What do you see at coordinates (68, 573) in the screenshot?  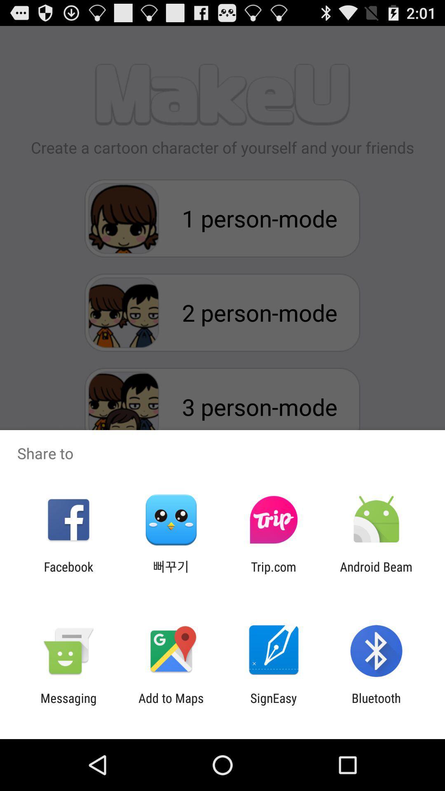 I see `facebook icon` at bounding box center [68, 573].